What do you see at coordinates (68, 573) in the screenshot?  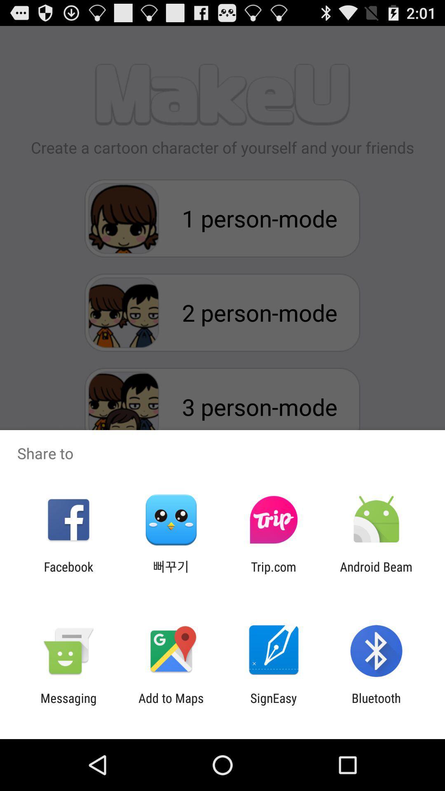 I see `facebook icon` at bounding box center [68, 573].